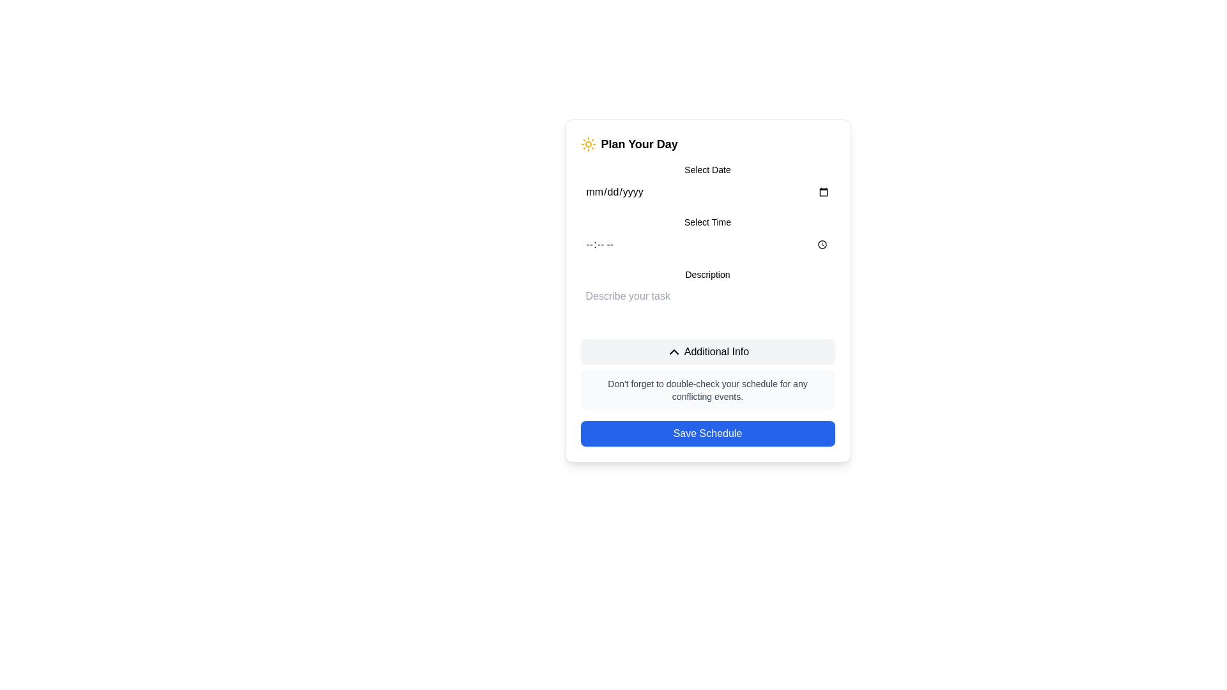 This screenshot has height=690, width=1227. What do you see at coordinates (707, 433) in the screenshot?
I see `the 'Save Schedule' button, which is a prominent blue button with white text and rounded edges located at the bottom of a vertical form layout` at bounding box center [707, 433].